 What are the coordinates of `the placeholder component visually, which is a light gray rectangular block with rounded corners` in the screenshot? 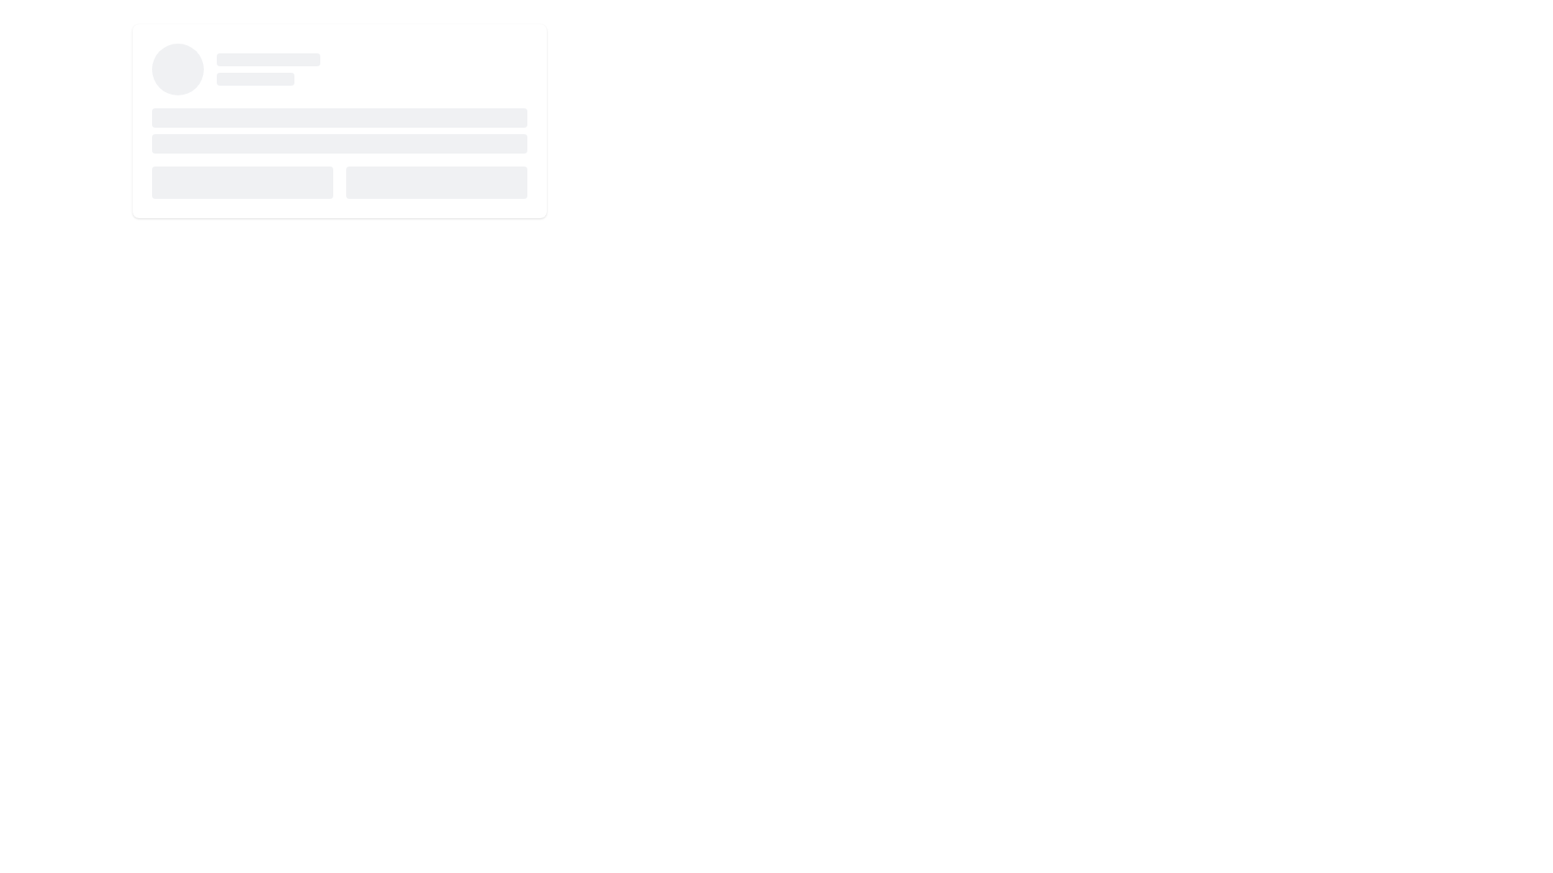 It's located at (255, 78).